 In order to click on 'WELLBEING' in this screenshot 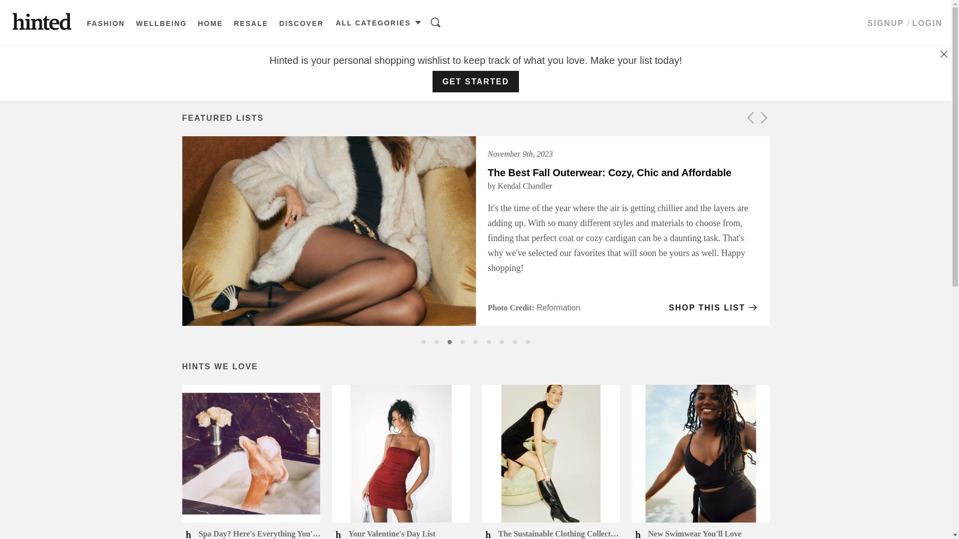, I will do `click(161, 23)`.